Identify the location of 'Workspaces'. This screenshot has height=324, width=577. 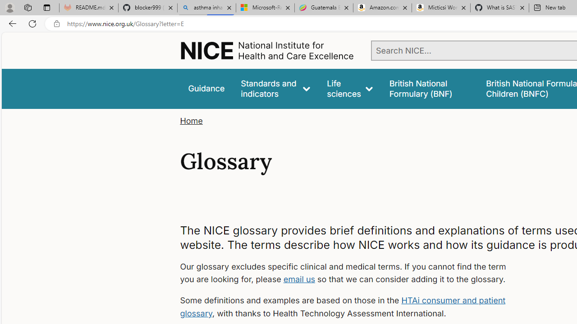
(27, 7).